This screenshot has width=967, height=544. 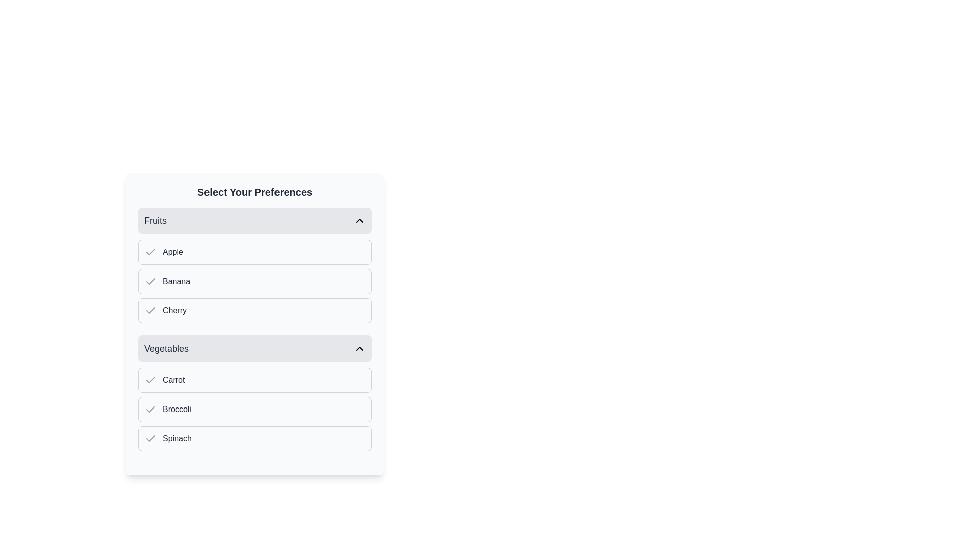 I want to click on the icon that indicates the 'Banana' option is selected in the 'Fruits' category, which is located to the left of the text 'Banana', so click(x=150, y=282).